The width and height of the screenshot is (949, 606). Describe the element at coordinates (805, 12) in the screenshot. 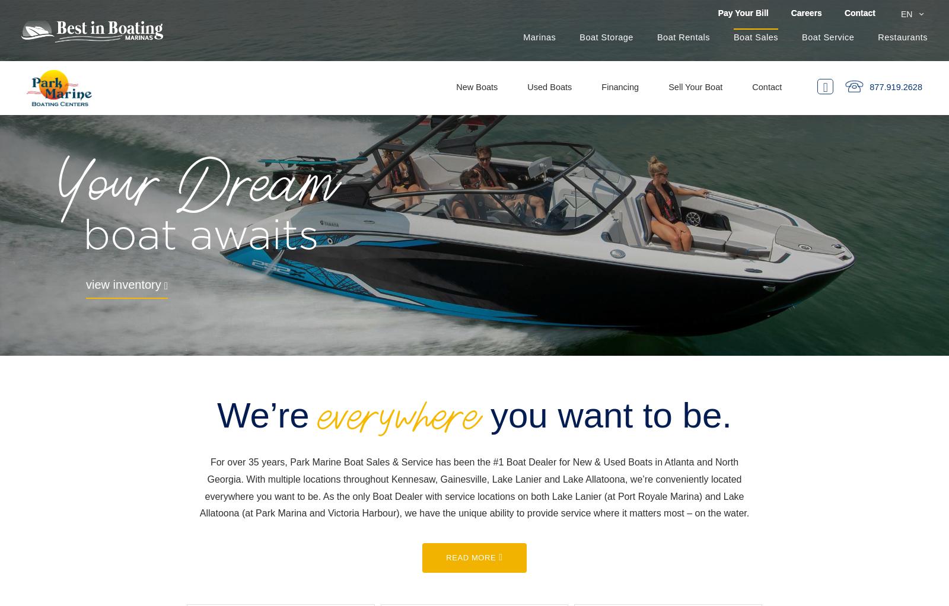

I see `'Careers'` at that location.